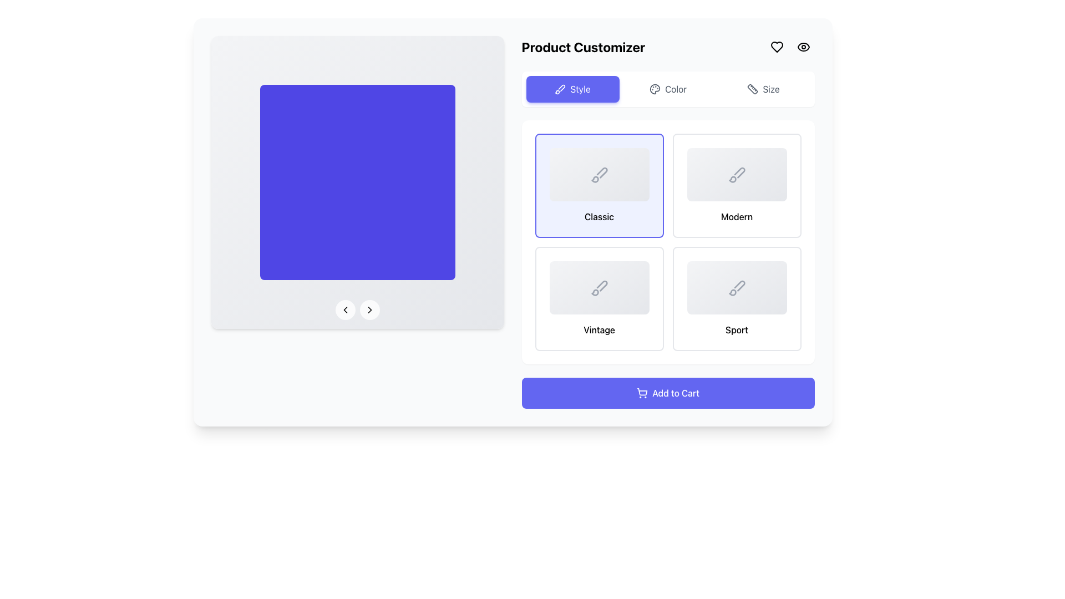 Image resolution: width=1065 pixels, height=599 pixels. Describe the element at coordinates (803, 46) in the screenshot. I see `the interactive visibility toggle icon located in the upper-right corner of the layout, immediately to the right of a heart-shaped icon` at that location.